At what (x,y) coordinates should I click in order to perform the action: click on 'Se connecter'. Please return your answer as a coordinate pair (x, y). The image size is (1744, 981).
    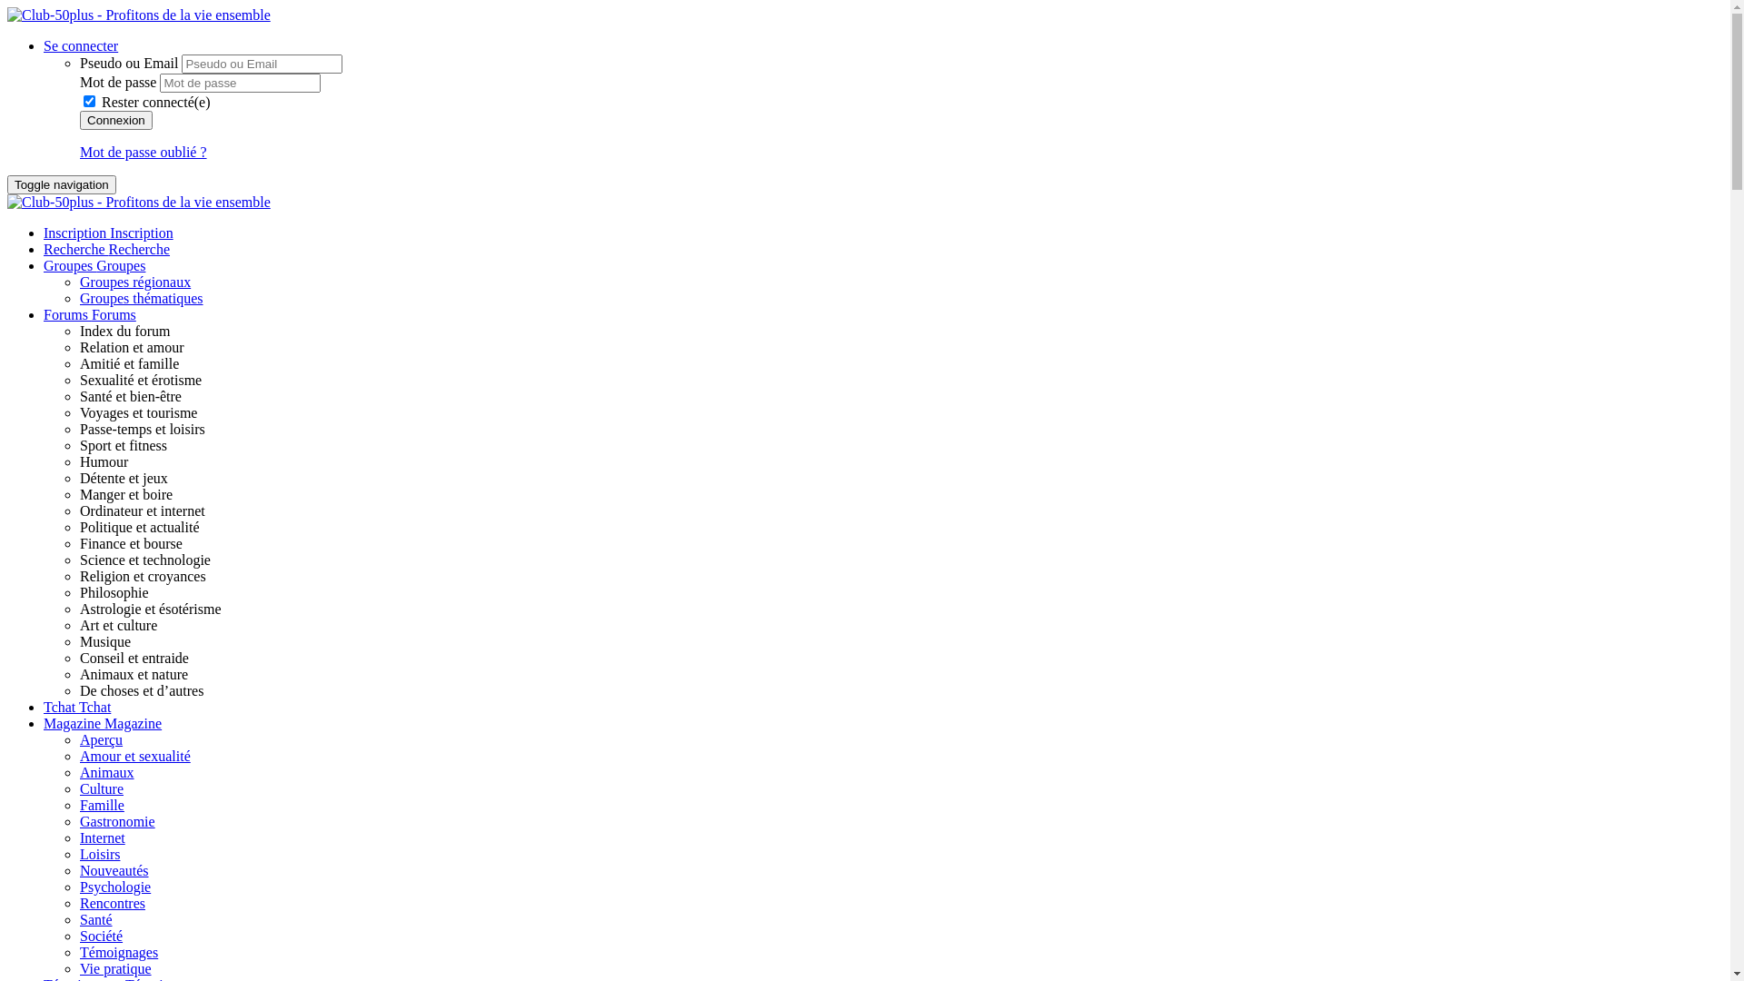
    Looking at the image, I should click on (44, 45).